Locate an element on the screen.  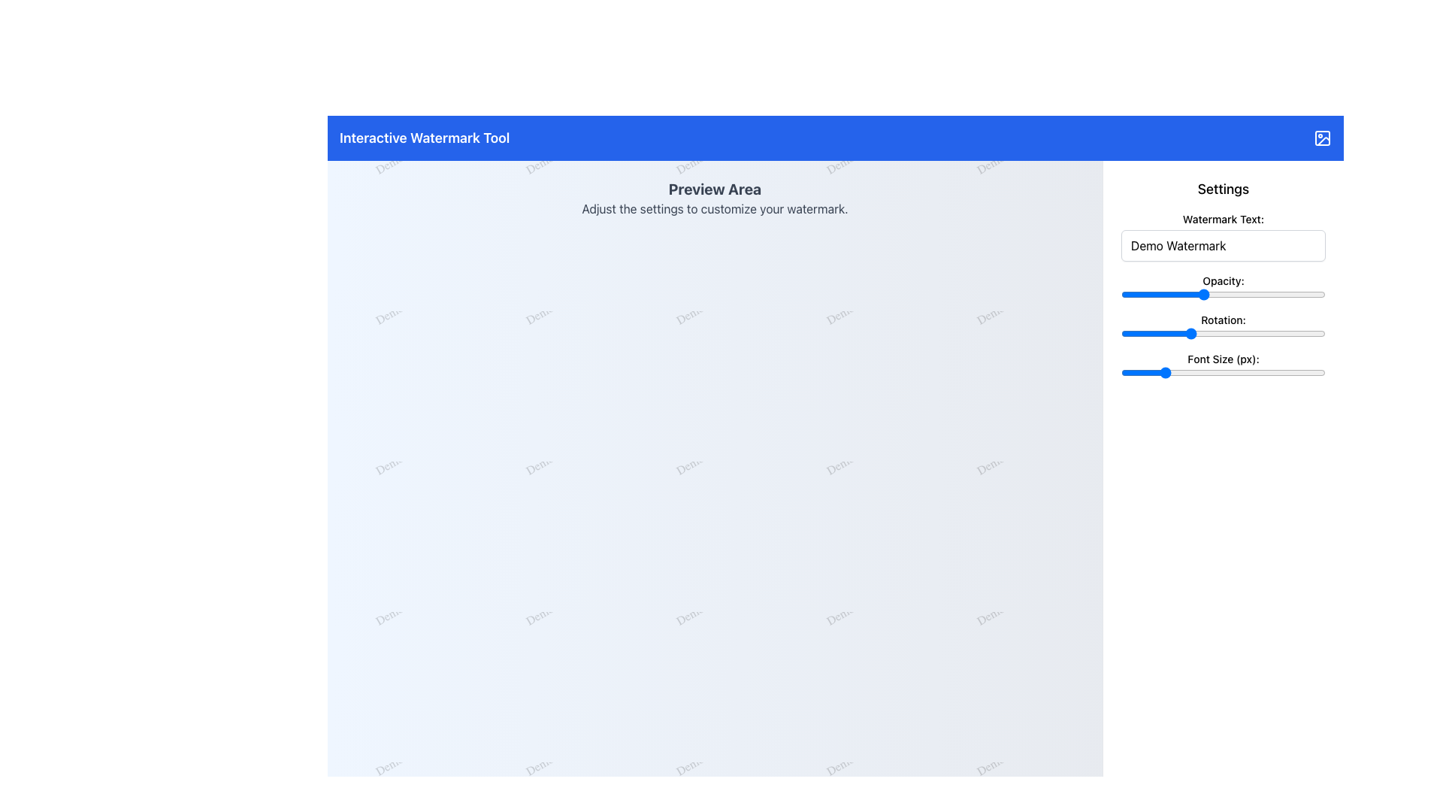
the large, bold static text label displaying 'Preview Area', which is centrally aligned at the top of the main content section is located at coordinates (714, 188).